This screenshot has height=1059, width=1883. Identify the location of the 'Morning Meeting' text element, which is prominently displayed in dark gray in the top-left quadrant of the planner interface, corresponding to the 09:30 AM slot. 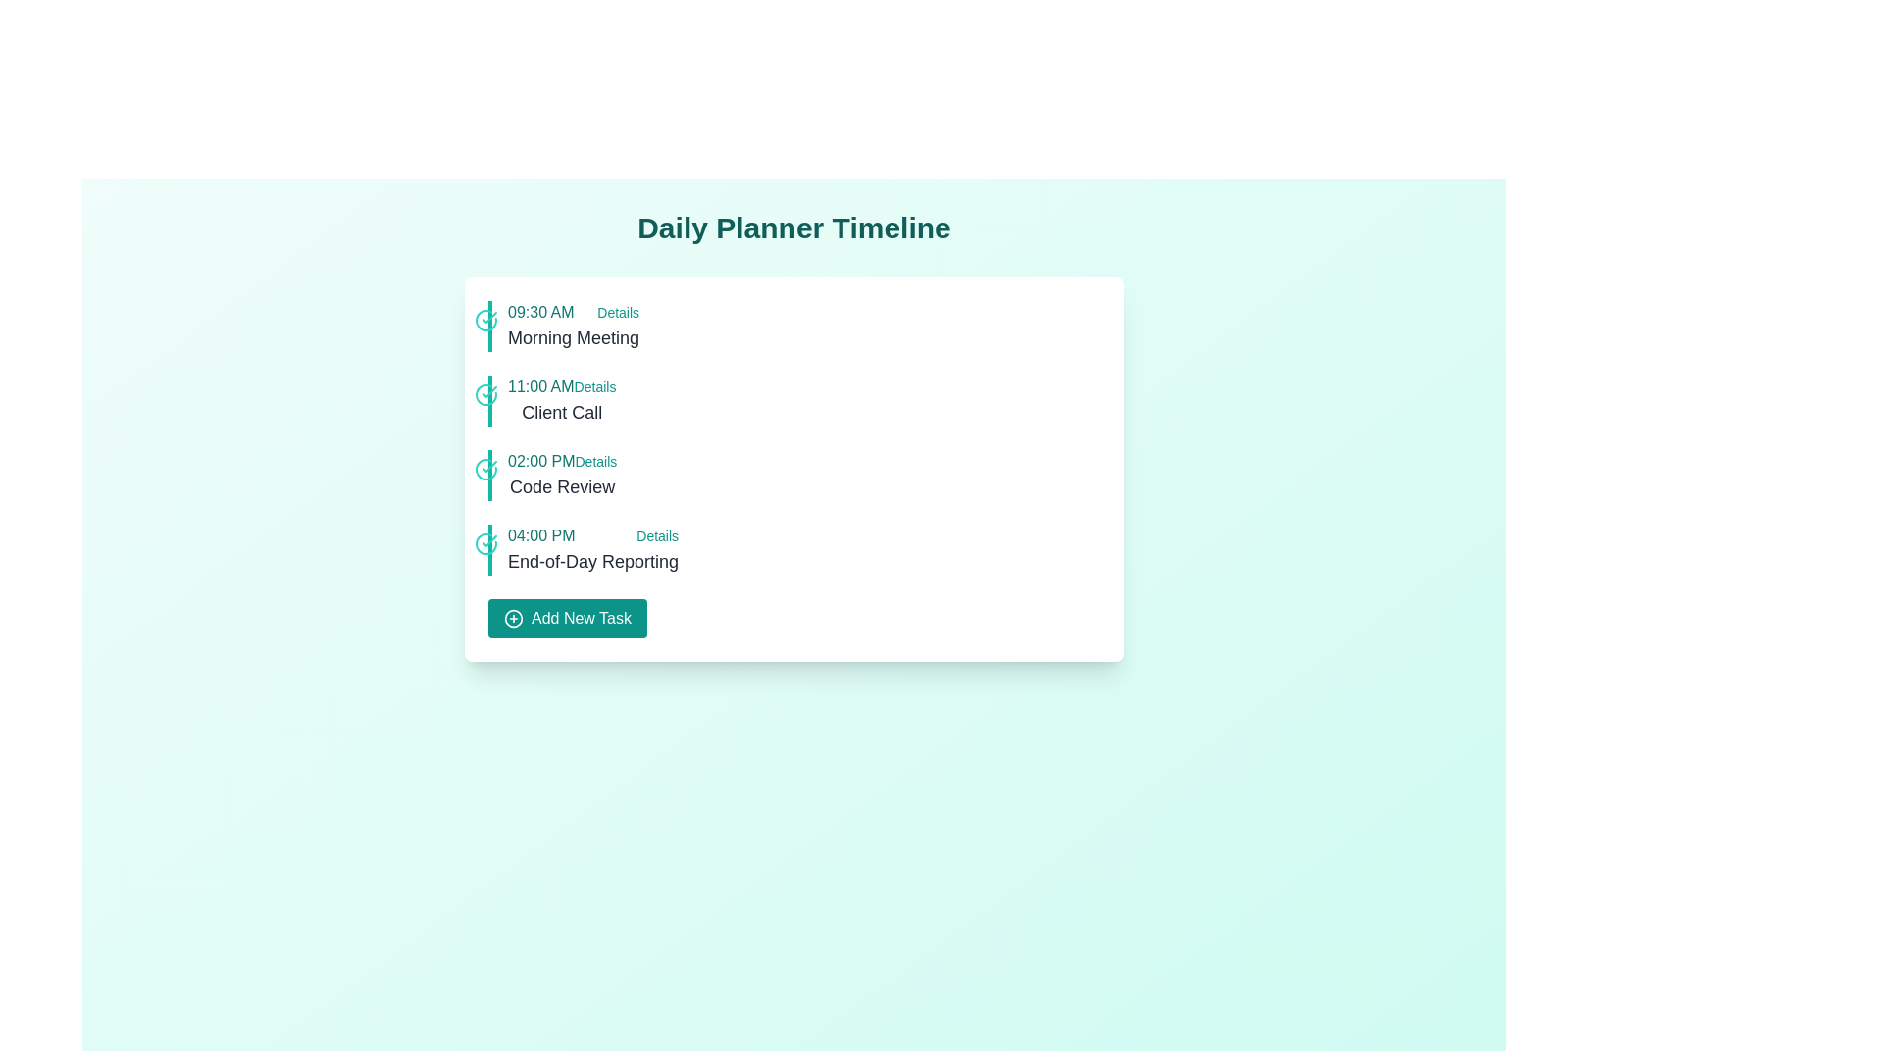
(573, 336).